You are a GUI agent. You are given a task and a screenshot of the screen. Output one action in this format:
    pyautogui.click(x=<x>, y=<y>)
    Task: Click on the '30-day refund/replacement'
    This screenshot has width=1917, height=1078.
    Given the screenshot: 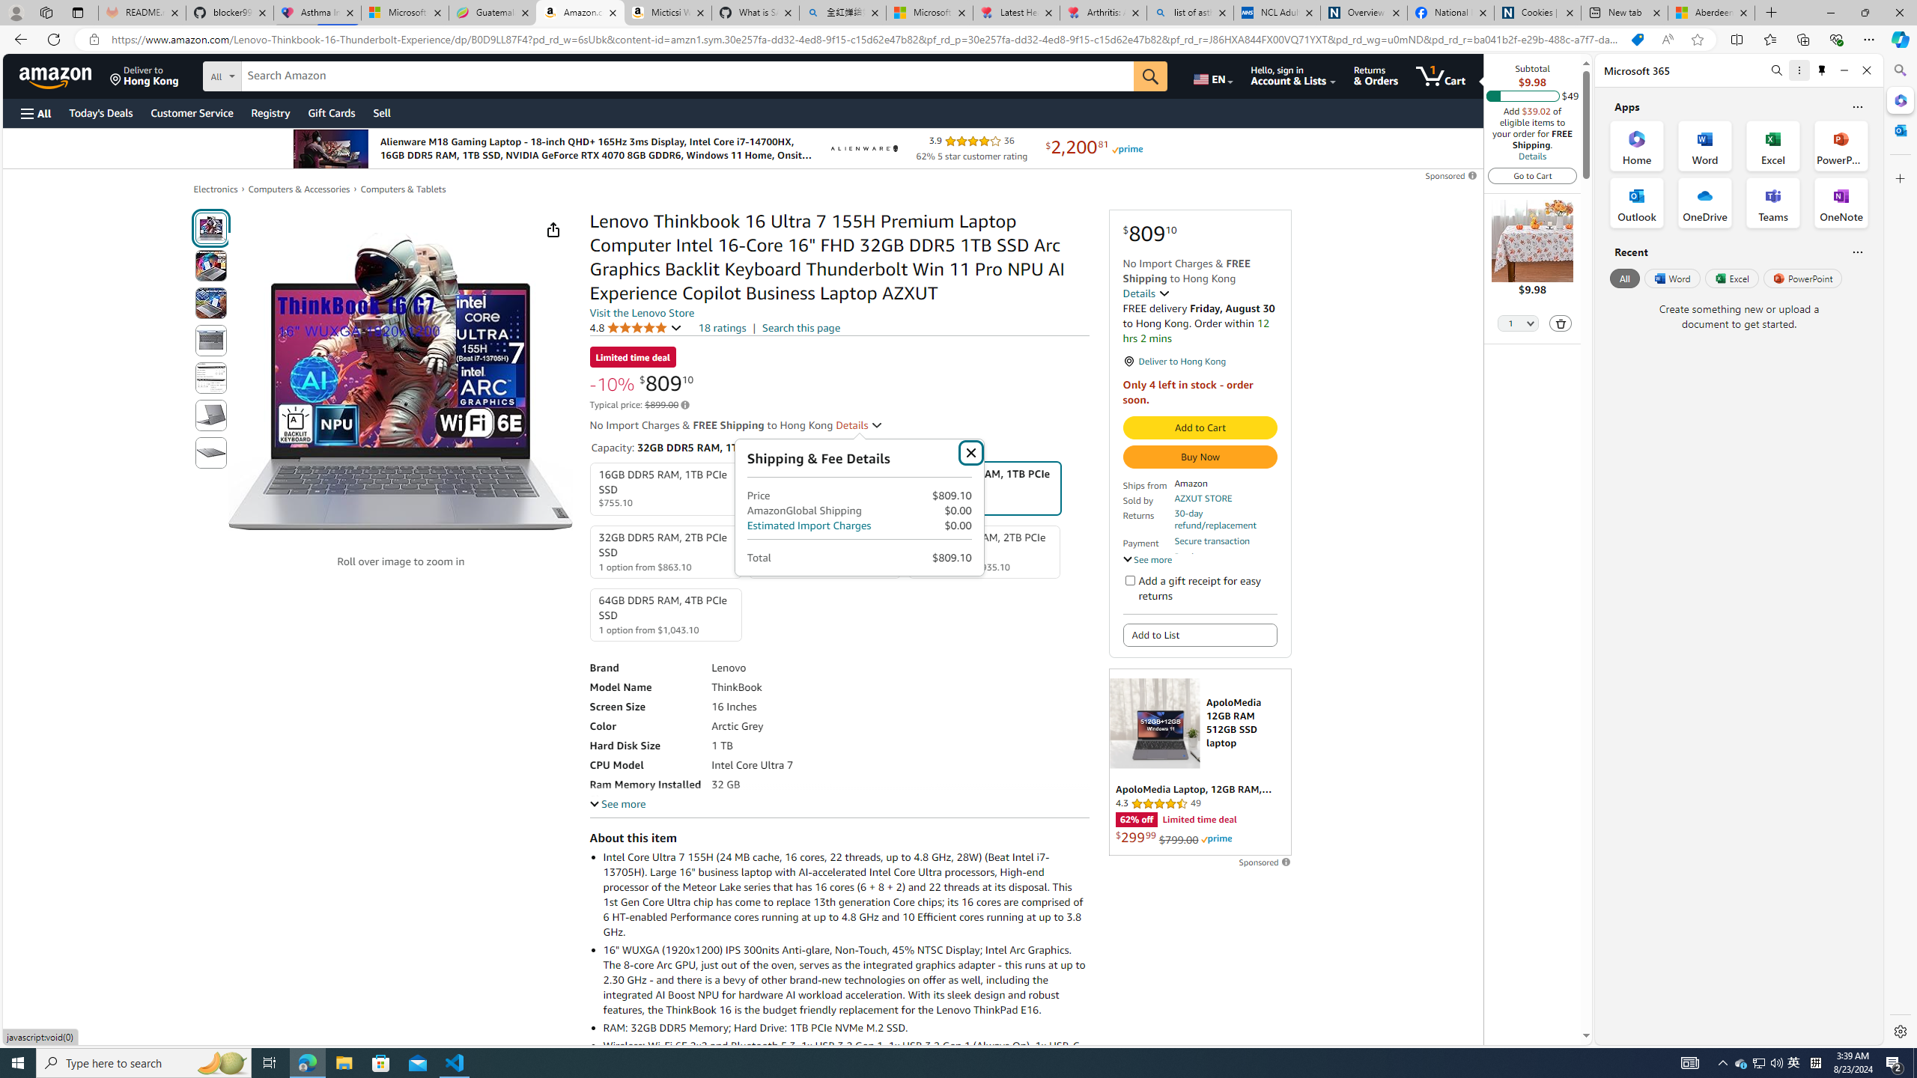 What is the action you would take?
    pyautogui.click(x=1224, y=519)
    